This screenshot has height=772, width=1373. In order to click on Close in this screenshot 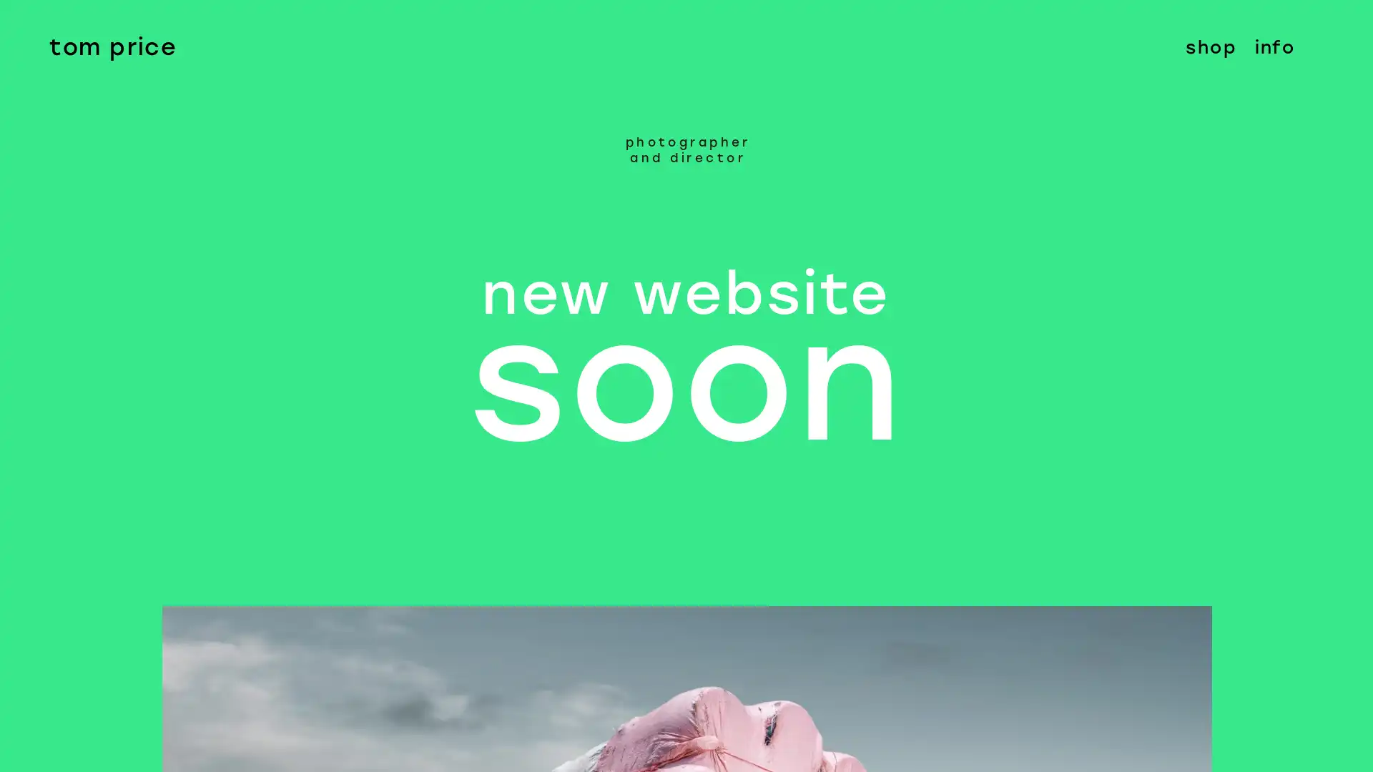, I will do `click(1346, 27)`.